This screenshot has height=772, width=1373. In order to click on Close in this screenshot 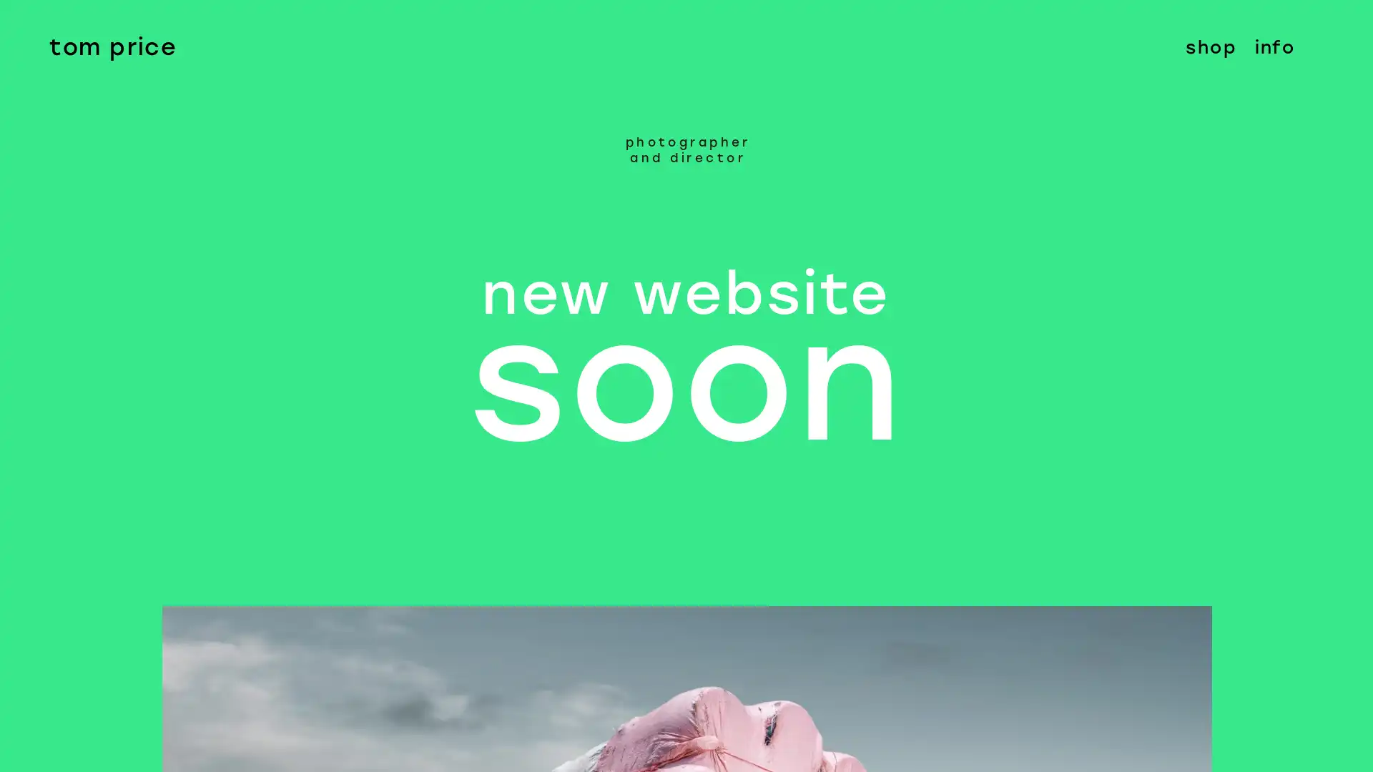, I will do `click(1346, 27)`.